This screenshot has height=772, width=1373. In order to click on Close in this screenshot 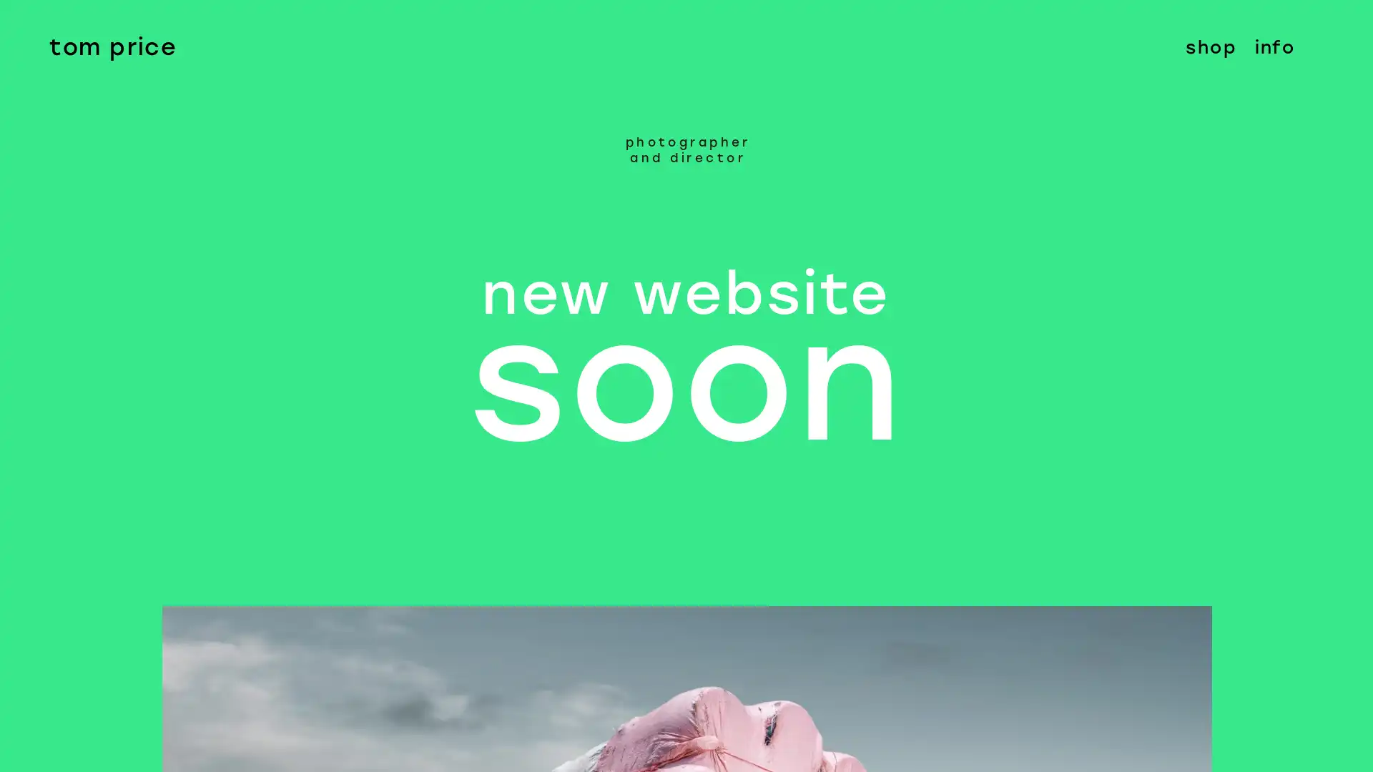, I will do `click(1346, 27)`.